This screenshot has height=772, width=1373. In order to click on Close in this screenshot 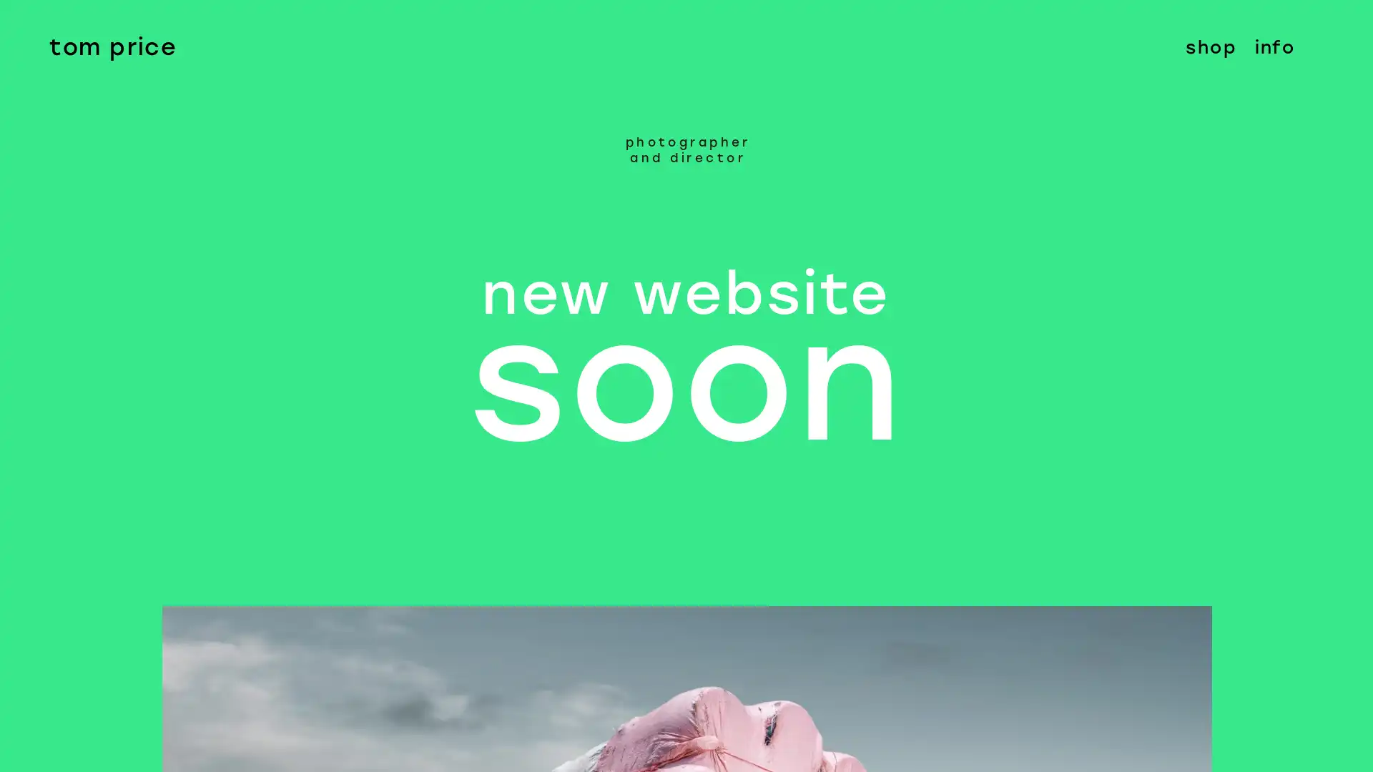, I will do `click(1346, 27)`.